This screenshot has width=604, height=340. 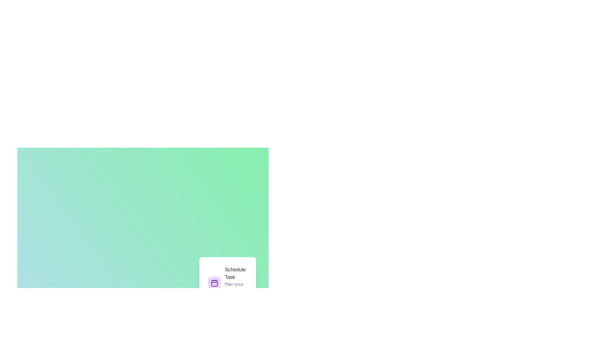 What do you see at coordinates (227, 282) in the screenshot?
I see `the menu action Schedule Task by clicking on its corresponding button` at bounding box center [227, 282].